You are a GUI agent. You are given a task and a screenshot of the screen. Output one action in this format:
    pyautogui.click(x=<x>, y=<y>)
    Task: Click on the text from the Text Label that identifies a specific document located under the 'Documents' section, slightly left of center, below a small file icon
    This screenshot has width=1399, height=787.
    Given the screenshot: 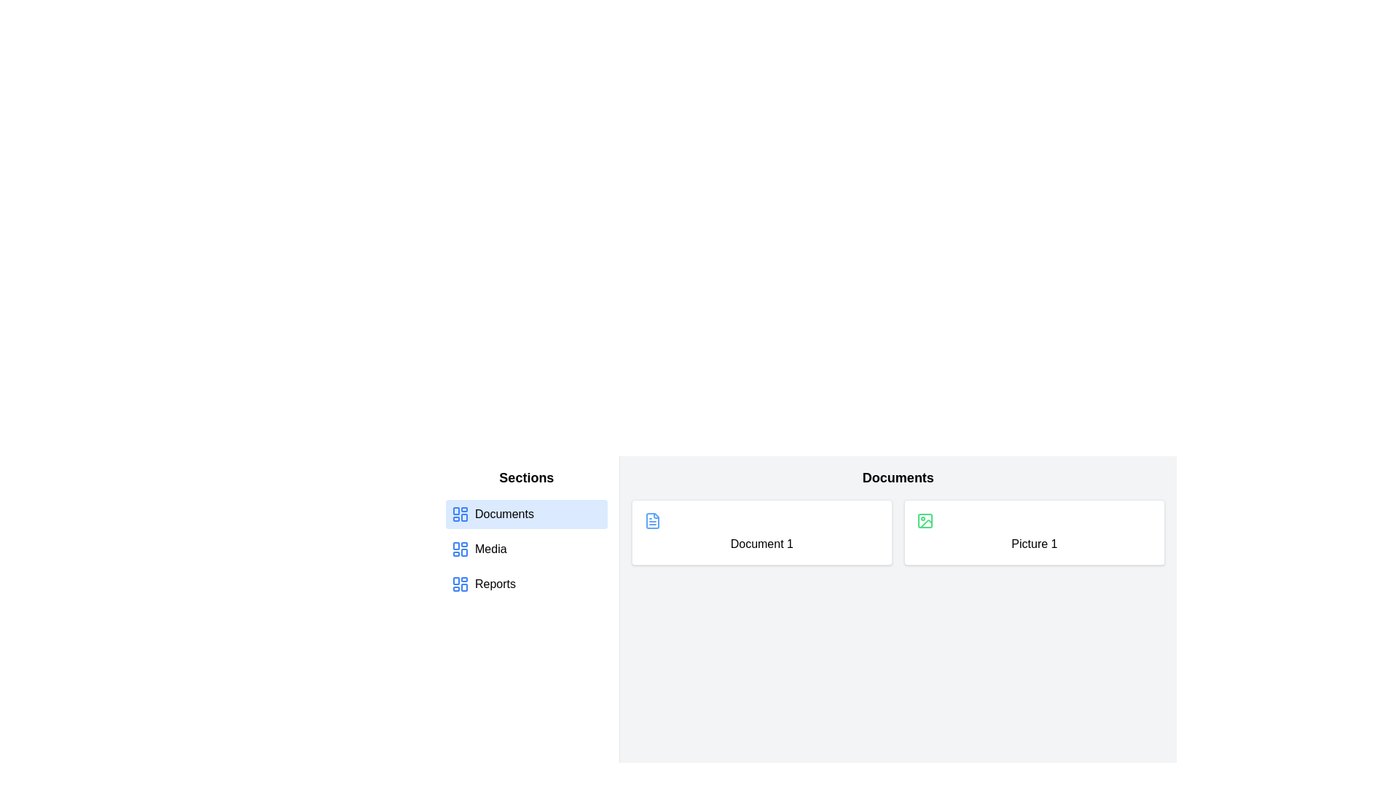 What is the action you would take?
    pyautogui.click(x=761, y=544)
    